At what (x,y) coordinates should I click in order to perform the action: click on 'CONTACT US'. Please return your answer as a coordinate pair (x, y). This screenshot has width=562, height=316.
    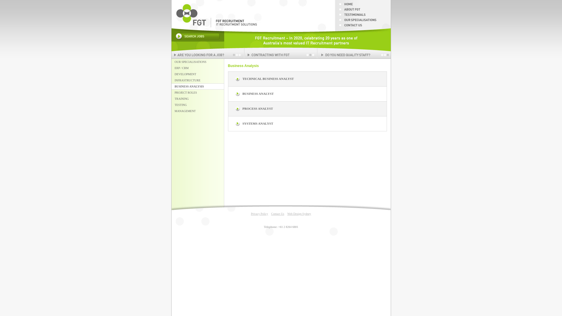
    Looking at the image, I should click on (362, 27).